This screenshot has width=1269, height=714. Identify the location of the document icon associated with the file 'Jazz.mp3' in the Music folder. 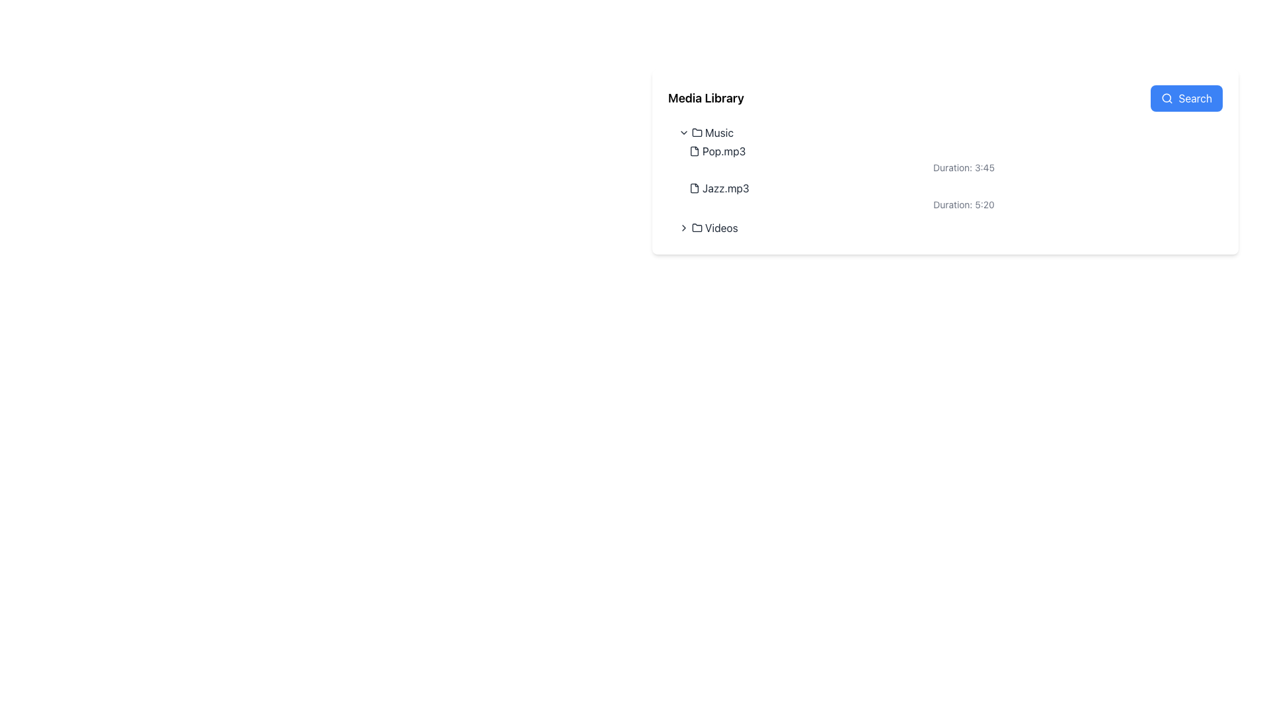
(694, 188).